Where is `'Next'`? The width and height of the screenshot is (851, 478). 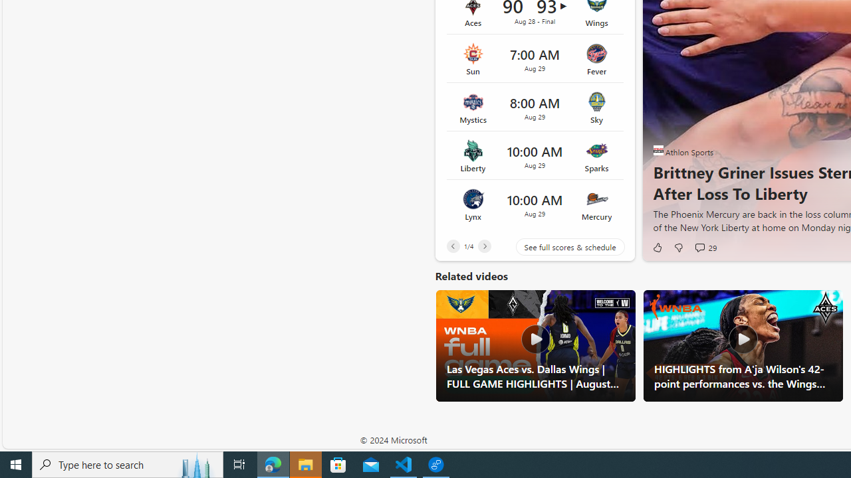 'Next' is located at coordinates (483, 246).